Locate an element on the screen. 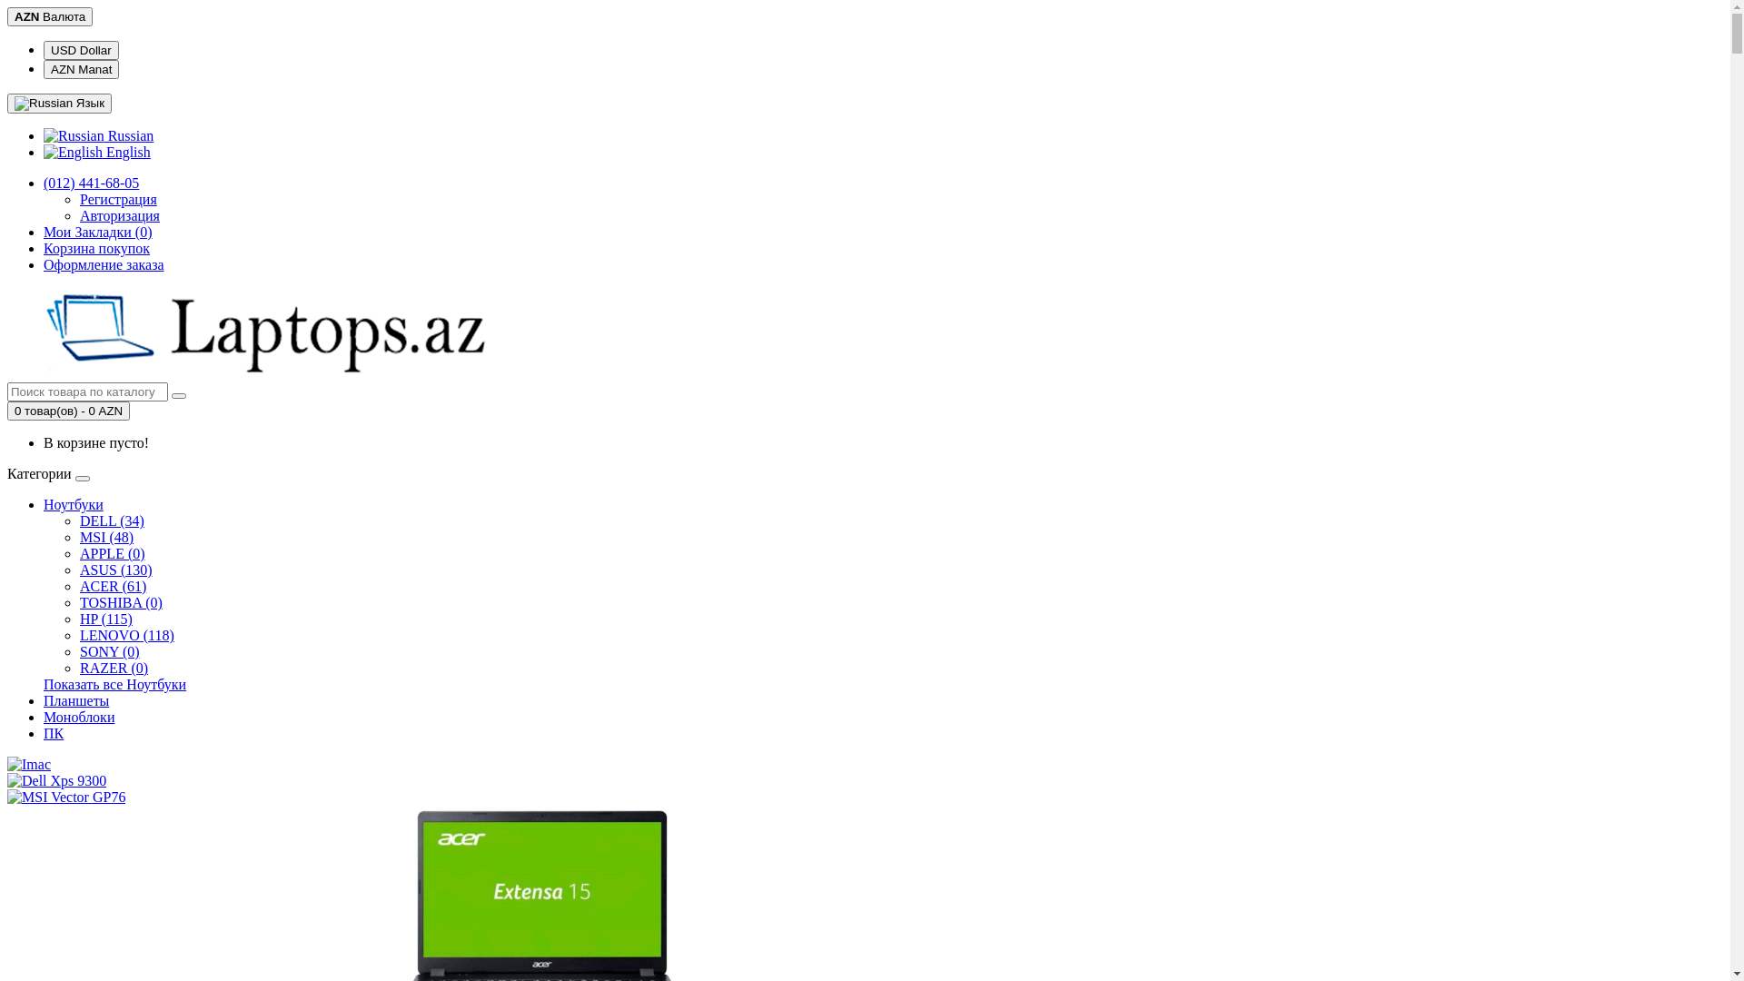 The image size is (1744, 981). 'ACER (61)' is located at coordinates (112, 586).